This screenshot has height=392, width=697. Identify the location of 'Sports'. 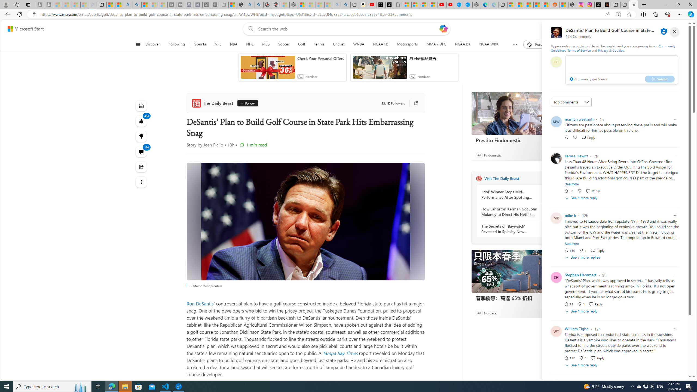
(200, 44).